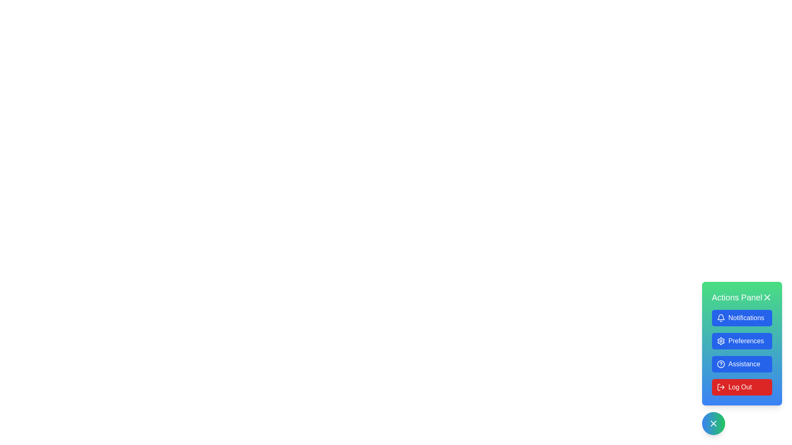  What do you see at coordinates (742, 297) in the screenshot?
I see `the close button located in the header of the menu panel` at bounding box center [742, 297].